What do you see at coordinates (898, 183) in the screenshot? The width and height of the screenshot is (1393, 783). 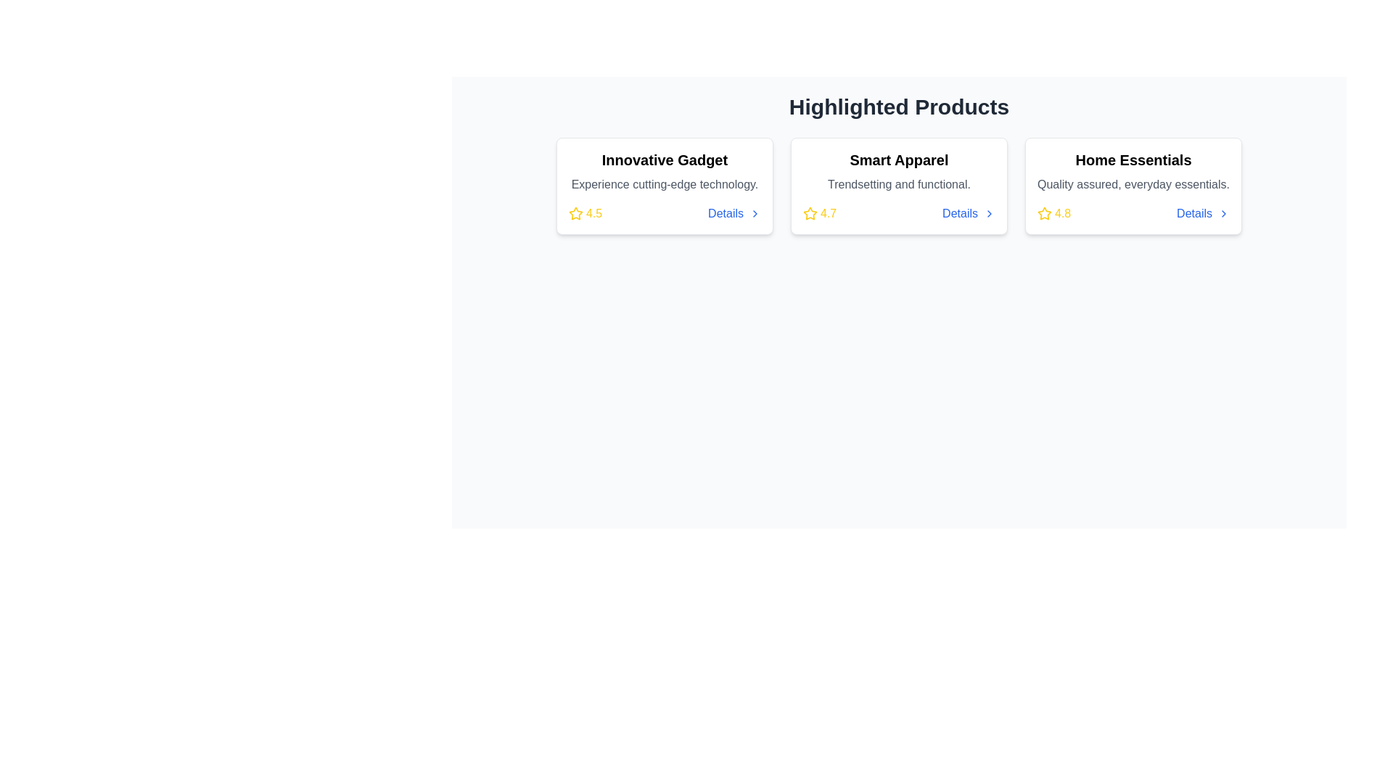 I see `the text label element that reads 'Trendsetting and functional.' which is styled in gray and positioned below the title 'Smart Apparel.'` at bounding box center [898, 183].